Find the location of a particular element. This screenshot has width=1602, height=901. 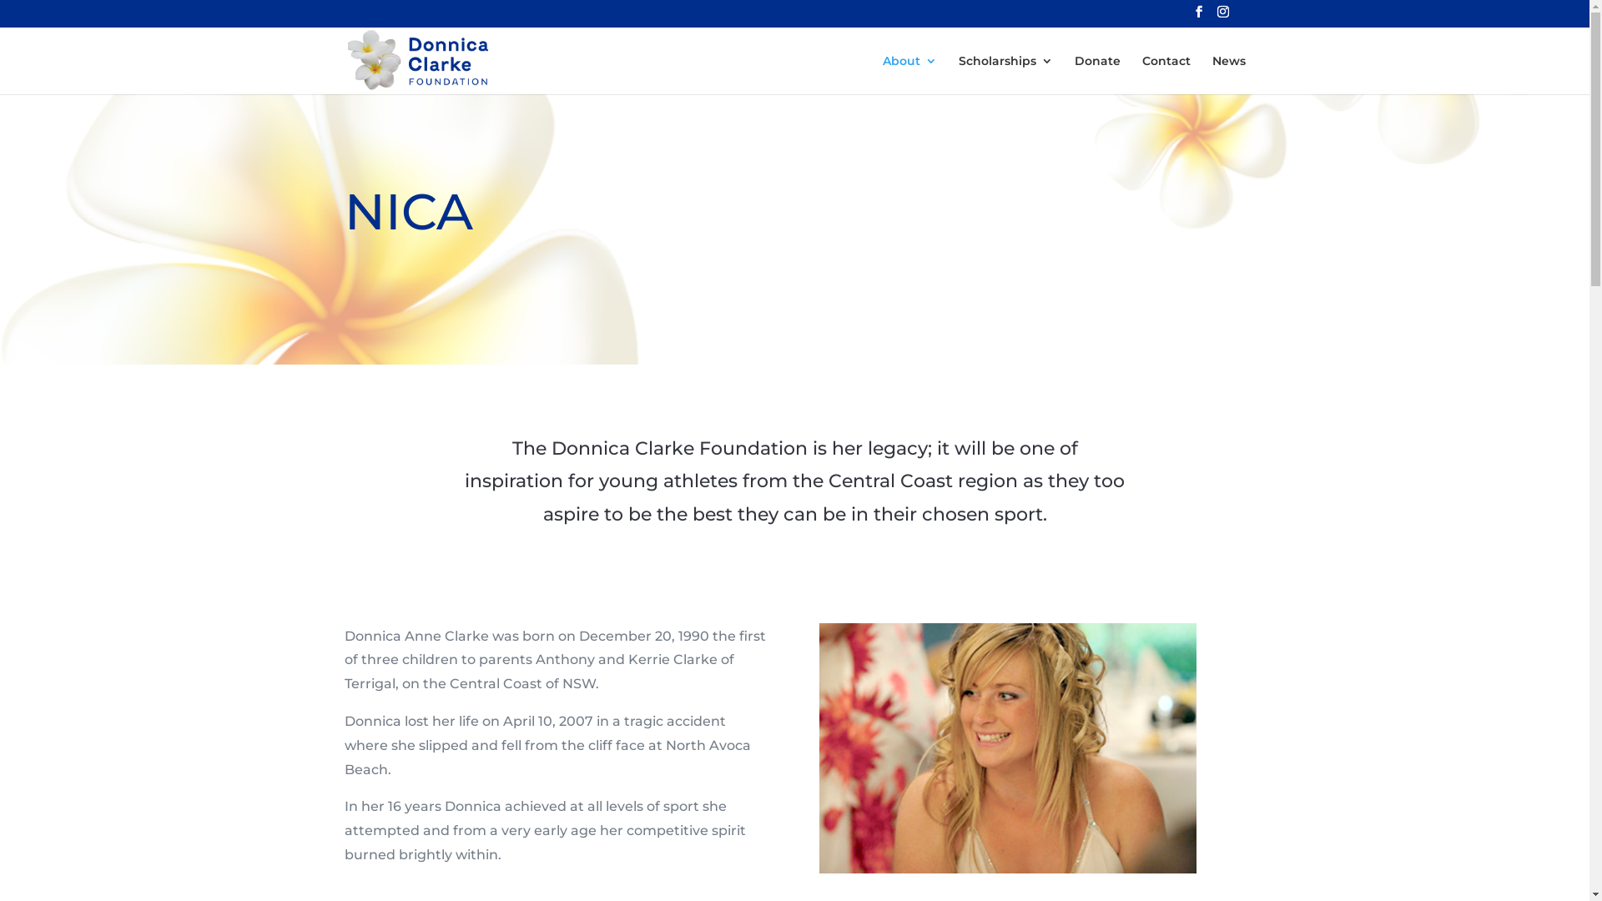

'News' is located at coordinates (1211, 73).